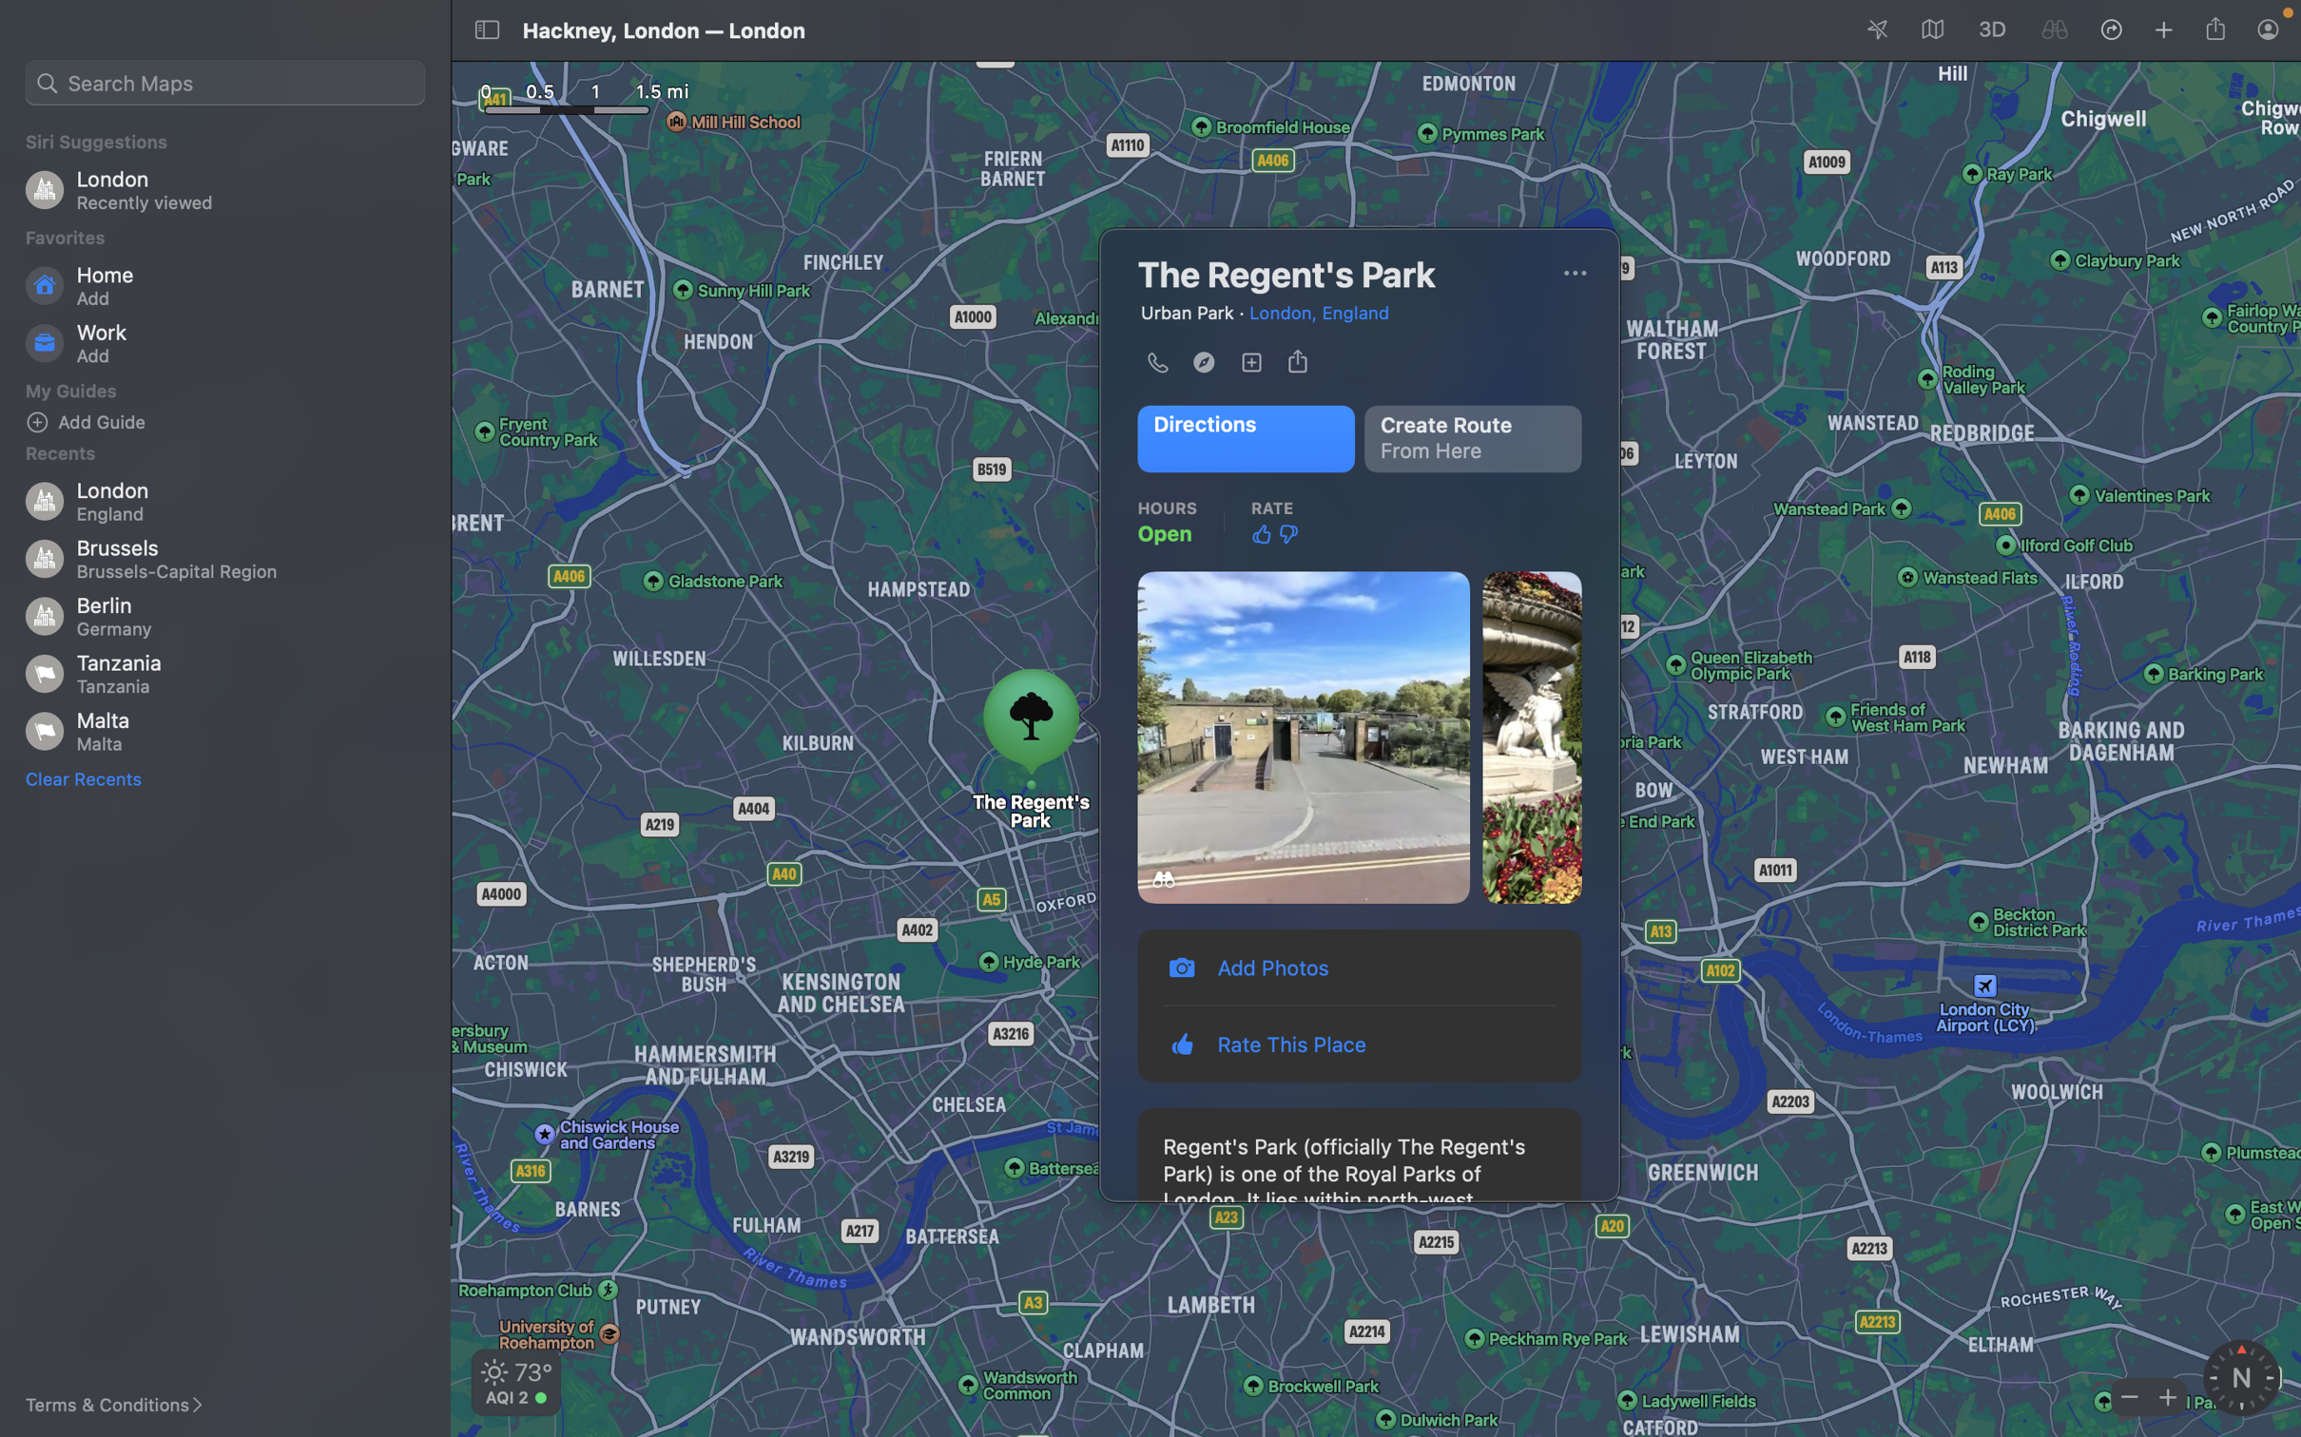 The image size is (2301, 1437). I want to click on Create path from the Regent"s park, so click(1476, 438).